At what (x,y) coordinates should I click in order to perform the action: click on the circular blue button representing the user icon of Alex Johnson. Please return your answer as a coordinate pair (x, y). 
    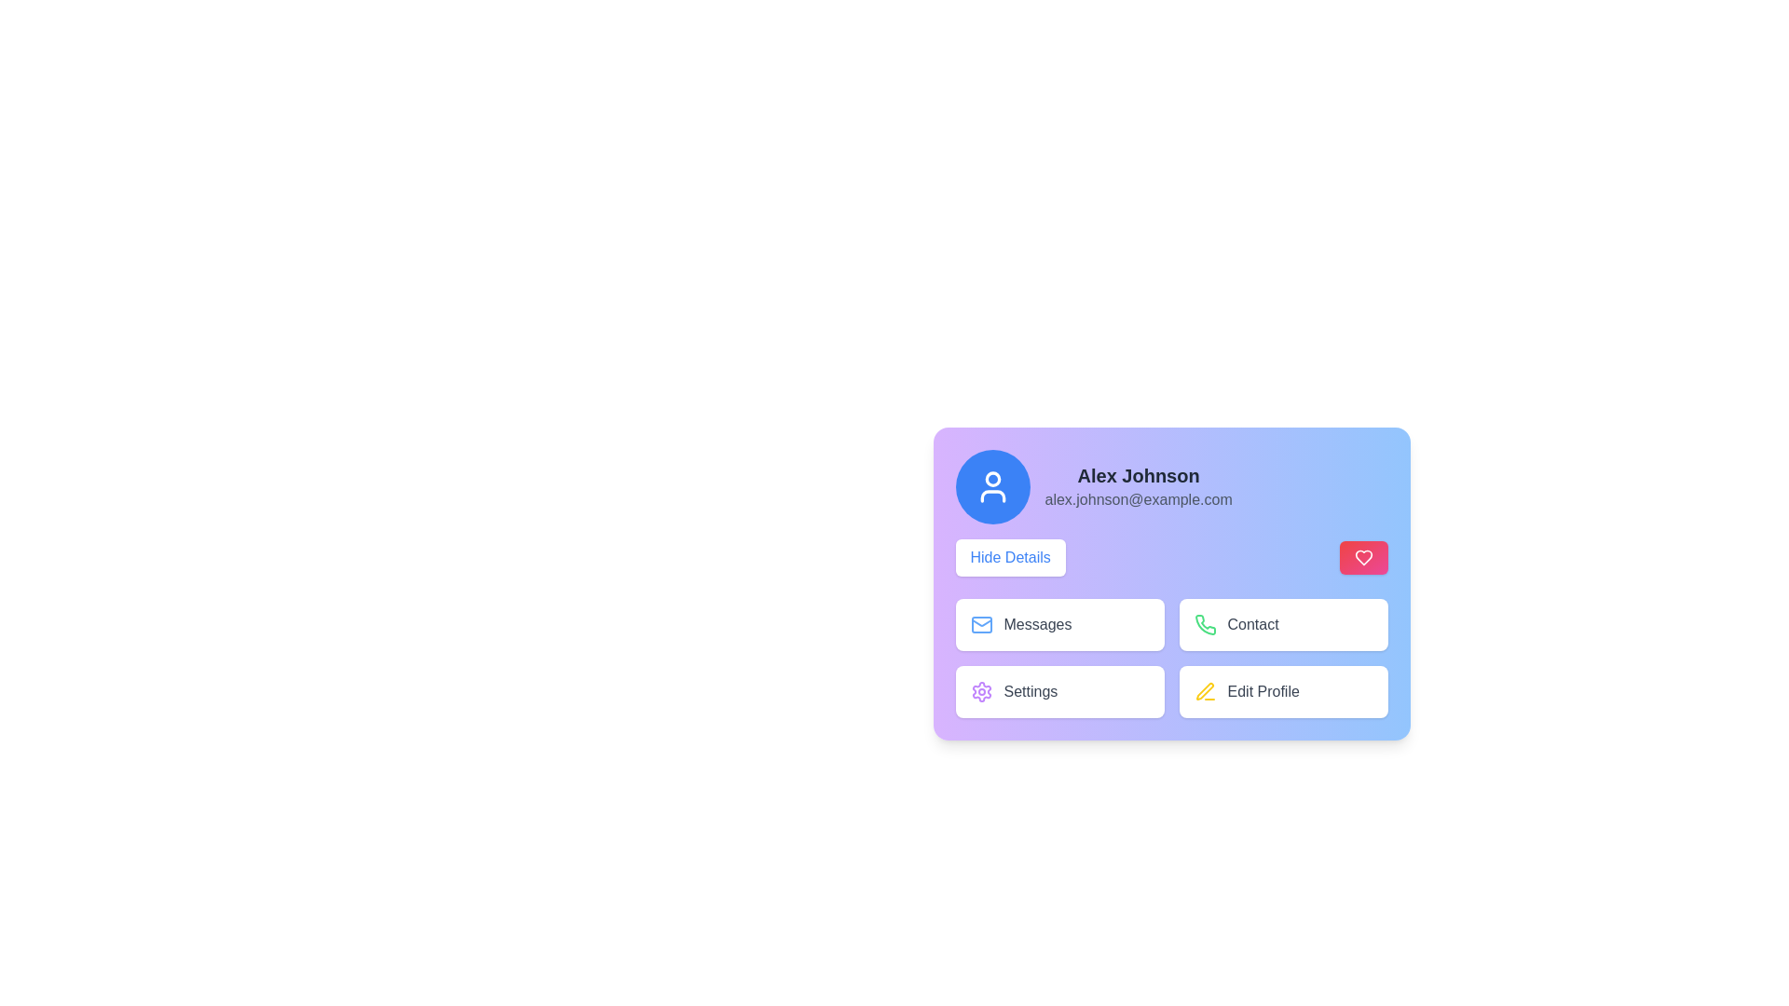
    Looking at the image, I should click on (991, 486).